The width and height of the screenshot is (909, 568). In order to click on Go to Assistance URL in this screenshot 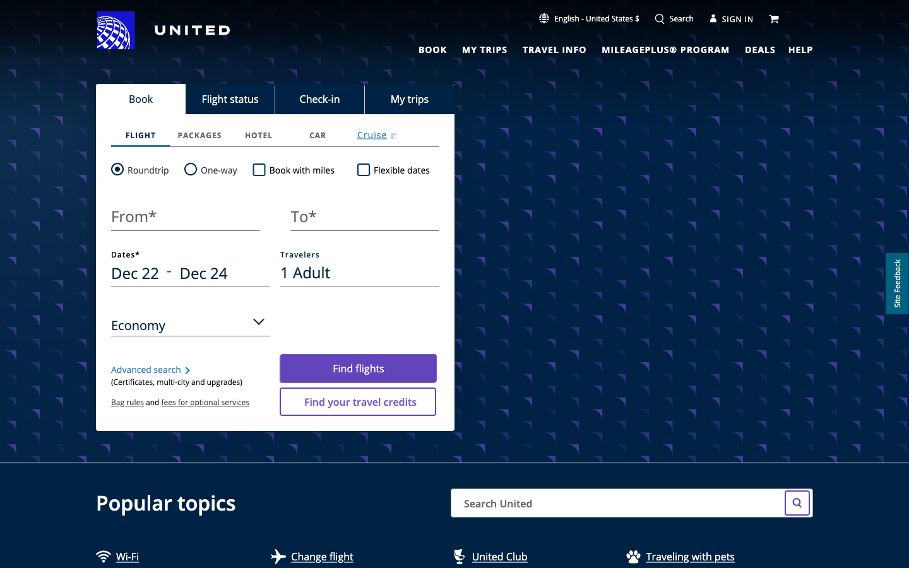, I will do `click(800, 48)`.